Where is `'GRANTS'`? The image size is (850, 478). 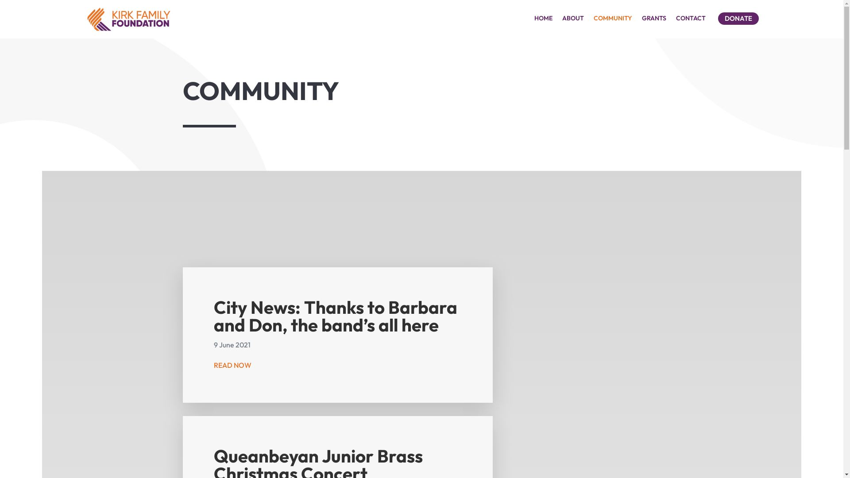 'GRANTS' is located at coordinates (654, 20).